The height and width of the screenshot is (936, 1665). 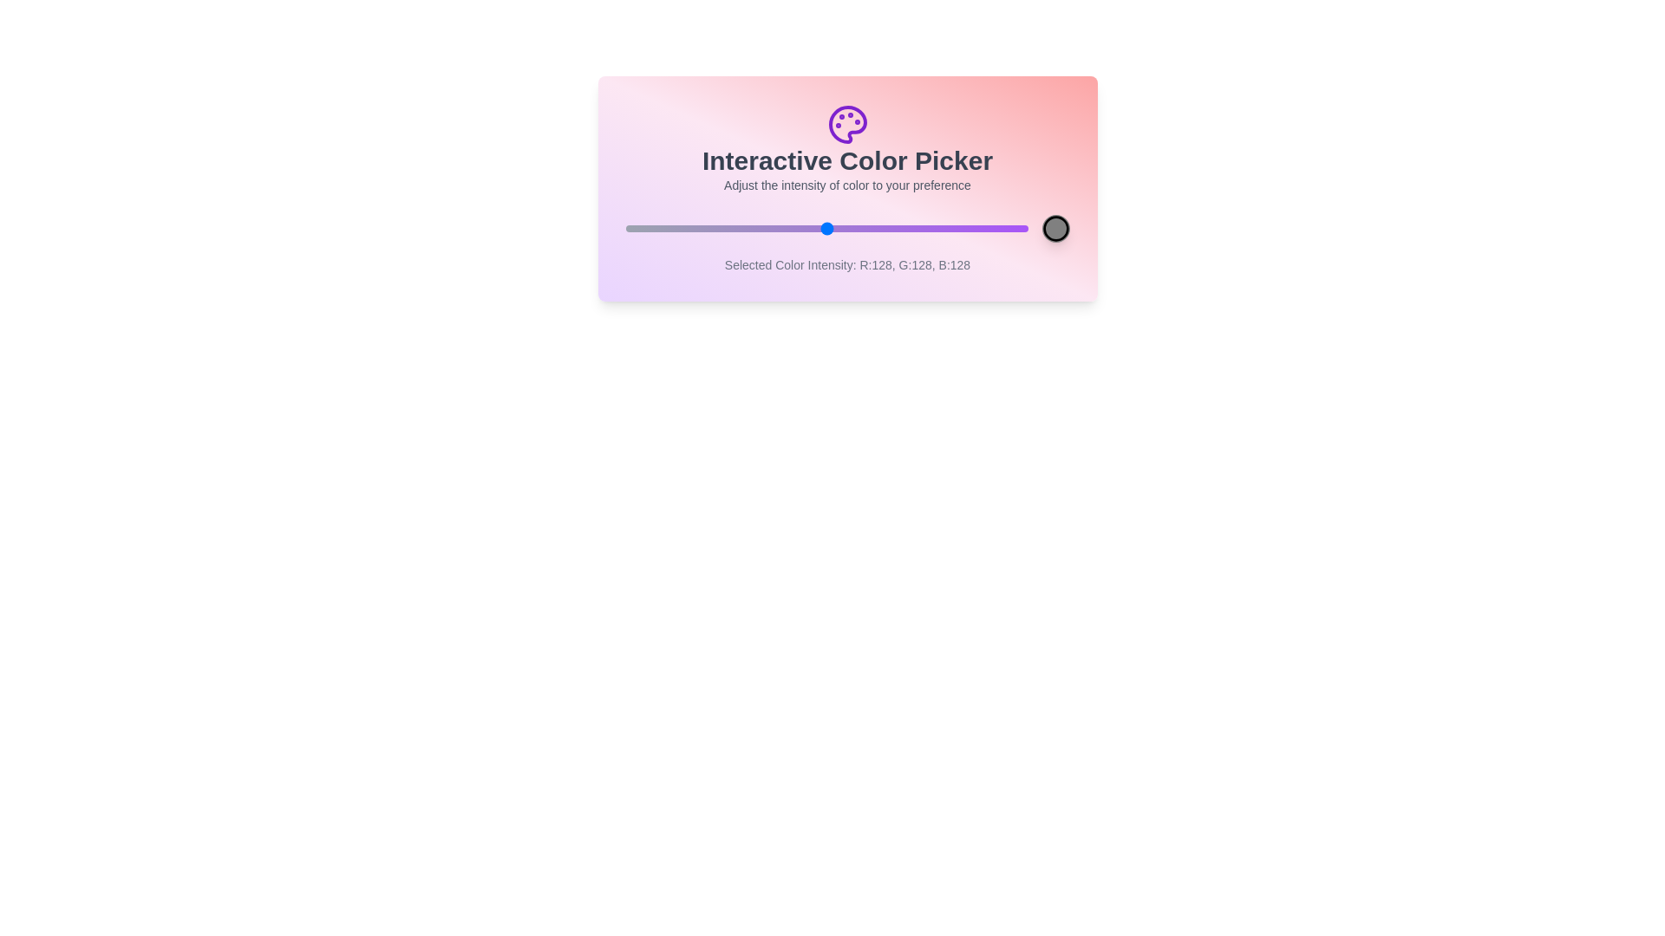 What do you see at coordinates (682, 227) in the screenshot?
I see `the slider to set the color intensity to 37` at bounding box center [682, 227].